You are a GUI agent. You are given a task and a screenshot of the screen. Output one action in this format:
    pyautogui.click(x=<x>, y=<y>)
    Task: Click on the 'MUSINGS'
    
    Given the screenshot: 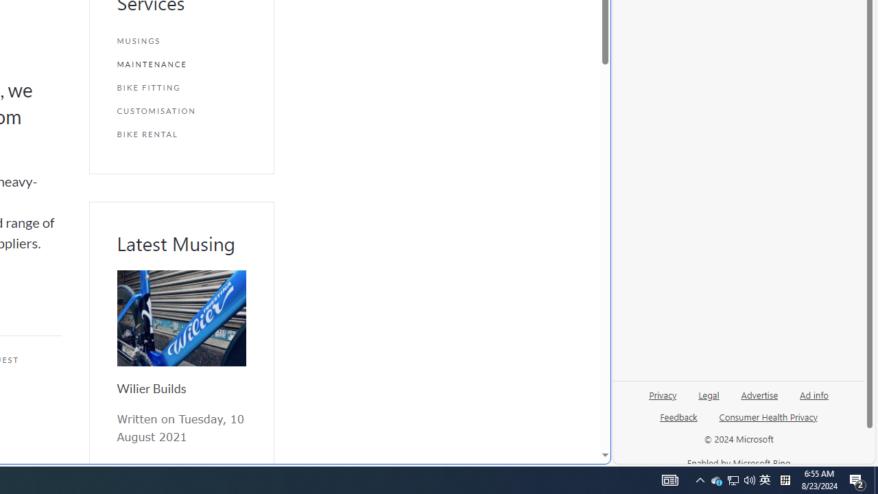 What is the action you would take?
    pyautogui.click(x=180, y=40)
    